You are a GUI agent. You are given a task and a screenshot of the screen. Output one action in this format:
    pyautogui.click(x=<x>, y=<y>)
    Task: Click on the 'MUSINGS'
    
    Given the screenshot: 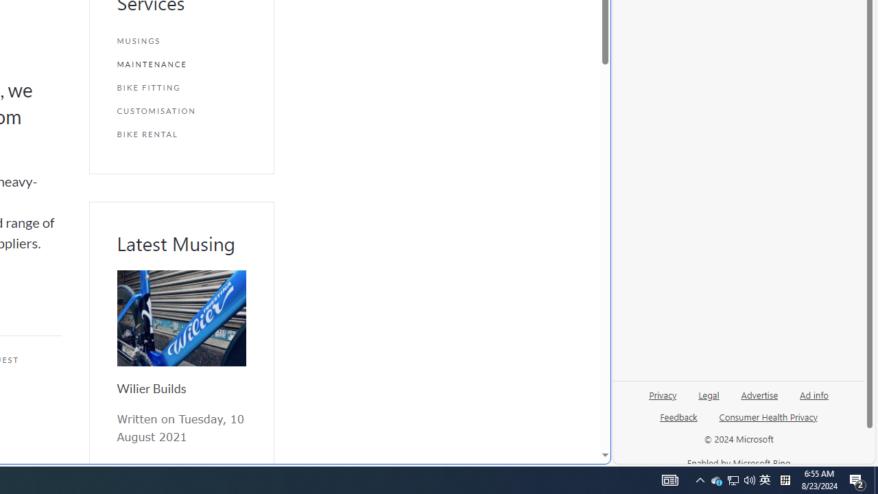 What is the action you would take?
    pyautogui.click(x=180, y=40)
    